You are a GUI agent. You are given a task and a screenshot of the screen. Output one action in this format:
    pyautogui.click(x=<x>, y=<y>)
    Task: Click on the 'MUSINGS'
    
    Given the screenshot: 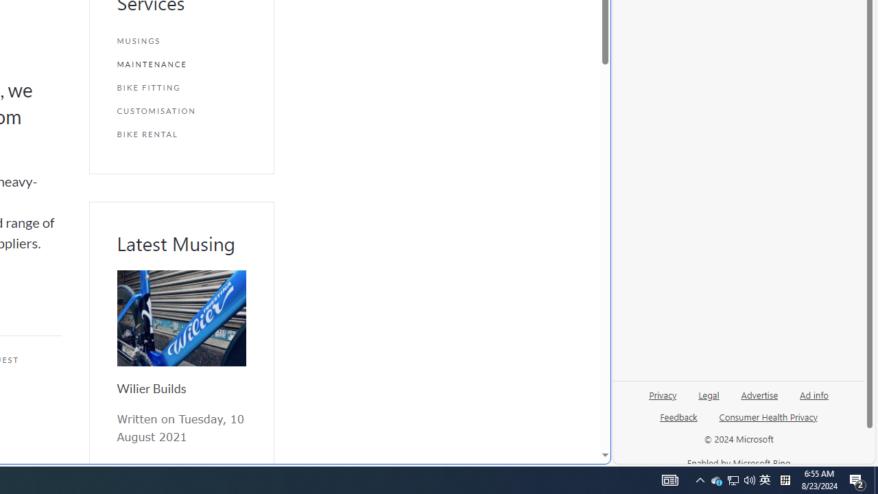 What is the action you would take?
    pyautogui.click(x=180, y=40)
    